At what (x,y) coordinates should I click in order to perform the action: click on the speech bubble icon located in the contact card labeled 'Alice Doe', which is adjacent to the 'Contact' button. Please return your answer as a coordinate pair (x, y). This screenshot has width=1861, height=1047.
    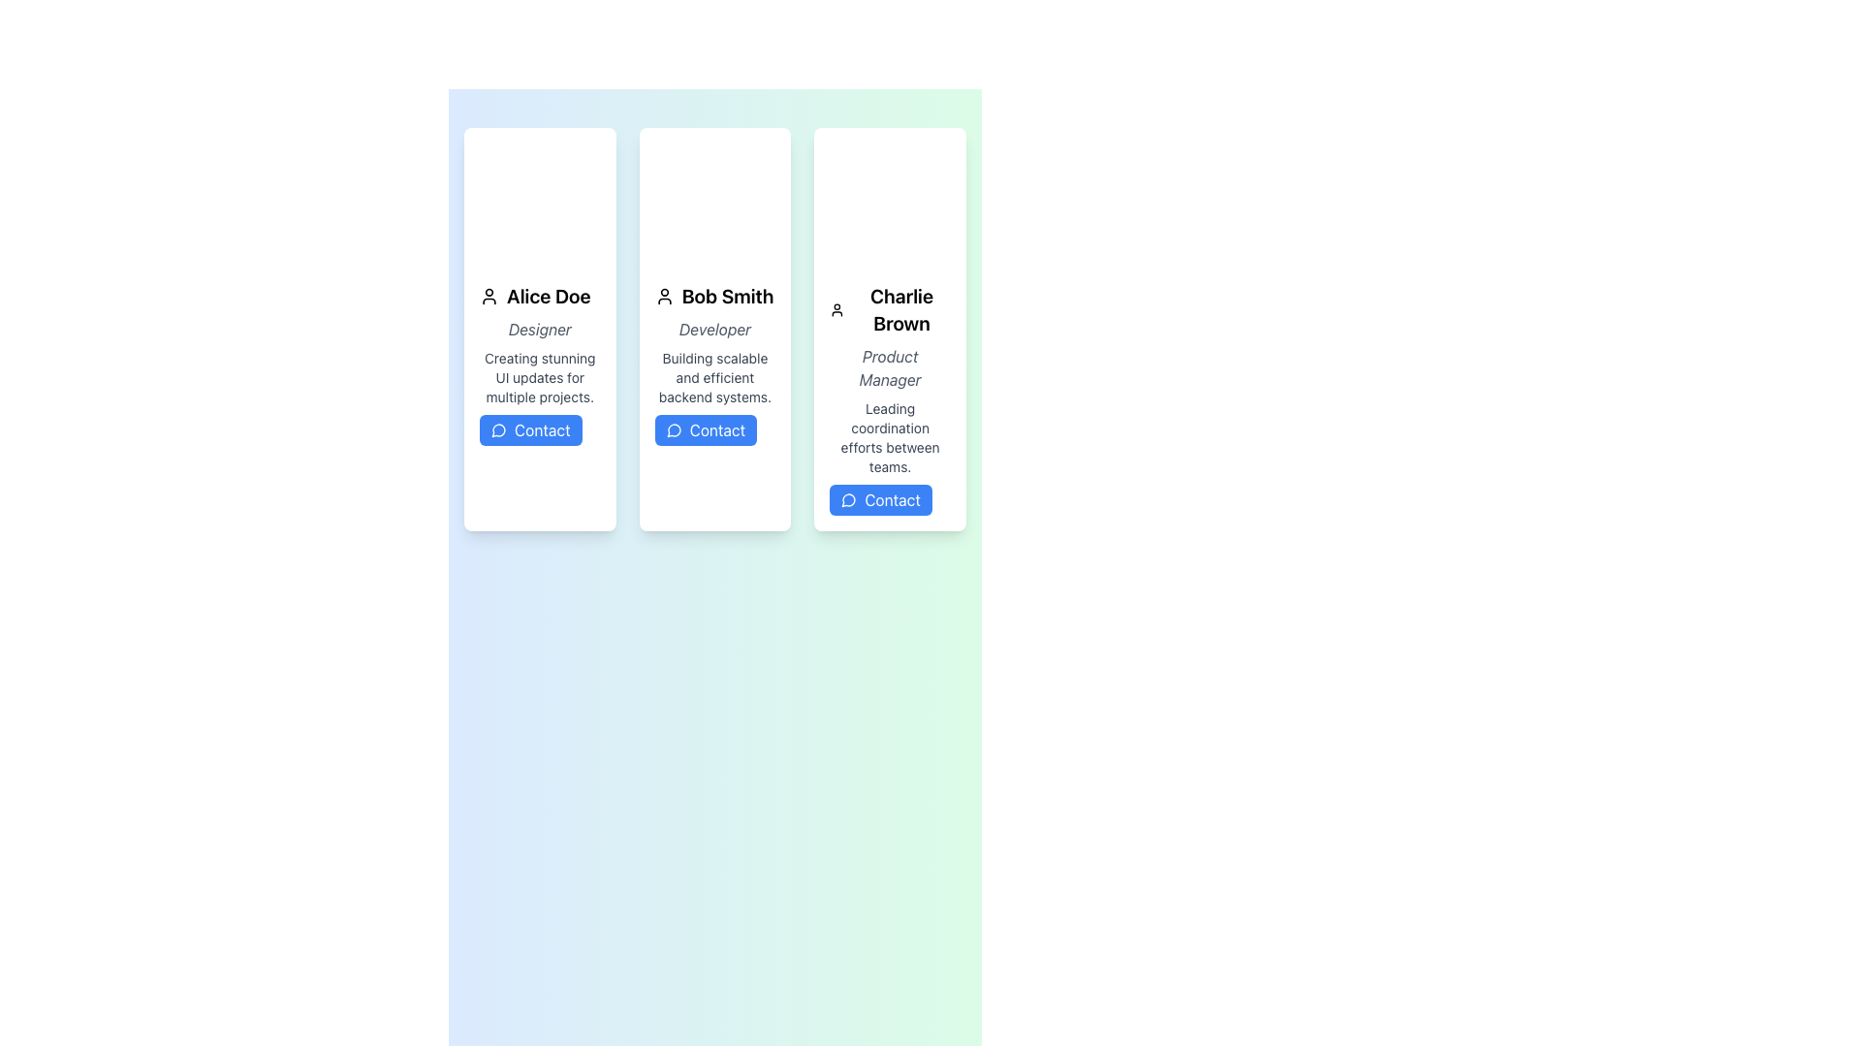
    Looking at the image, I should click on (498, 429).